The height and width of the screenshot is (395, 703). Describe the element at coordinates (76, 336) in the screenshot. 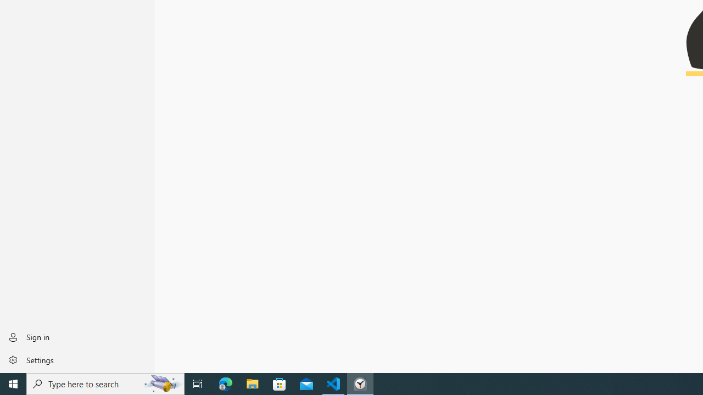

I see `'Sign in'` at that location.